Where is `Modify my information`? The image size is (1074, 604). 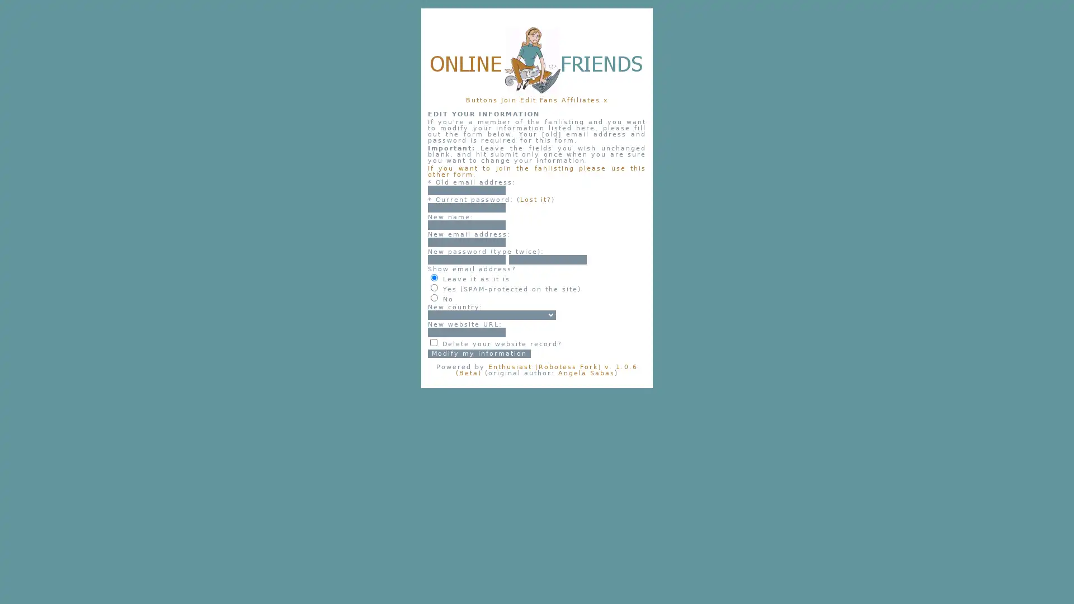
Modify my information is located at coordinates (479, 353).